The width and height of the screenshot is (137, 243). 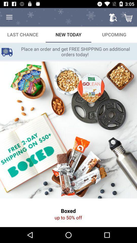 I want to click on the icon above the upcoming, so click(x=113, y=17).